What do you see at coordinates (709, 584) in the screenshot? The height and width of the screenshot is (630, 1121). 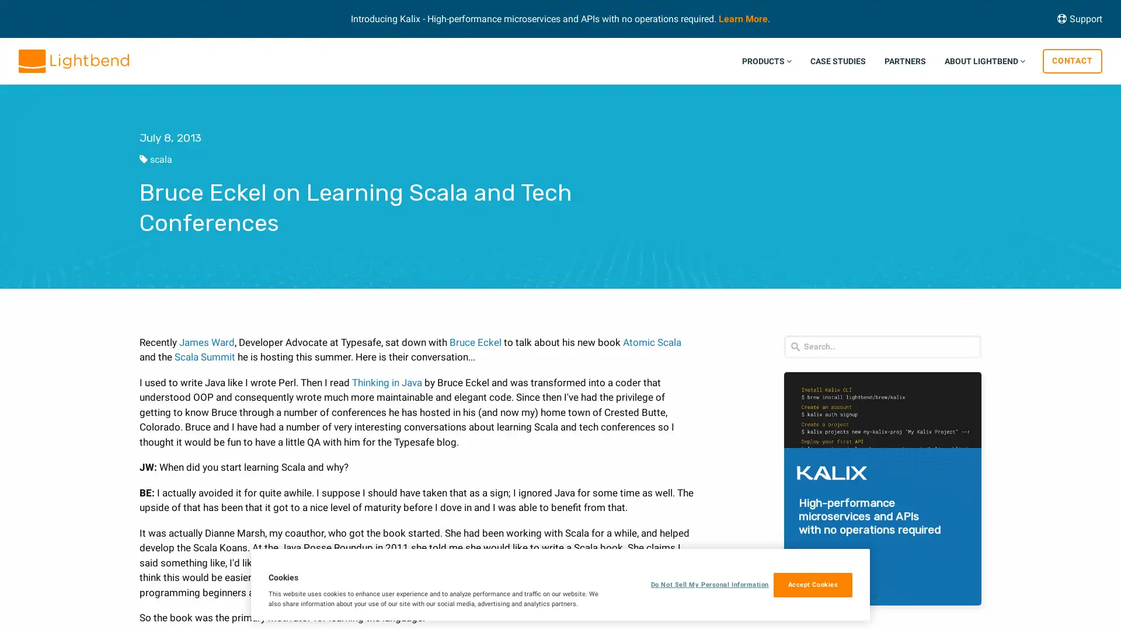 I see `Do Not Sell My Personal Information` at bounding box center [709, 584].